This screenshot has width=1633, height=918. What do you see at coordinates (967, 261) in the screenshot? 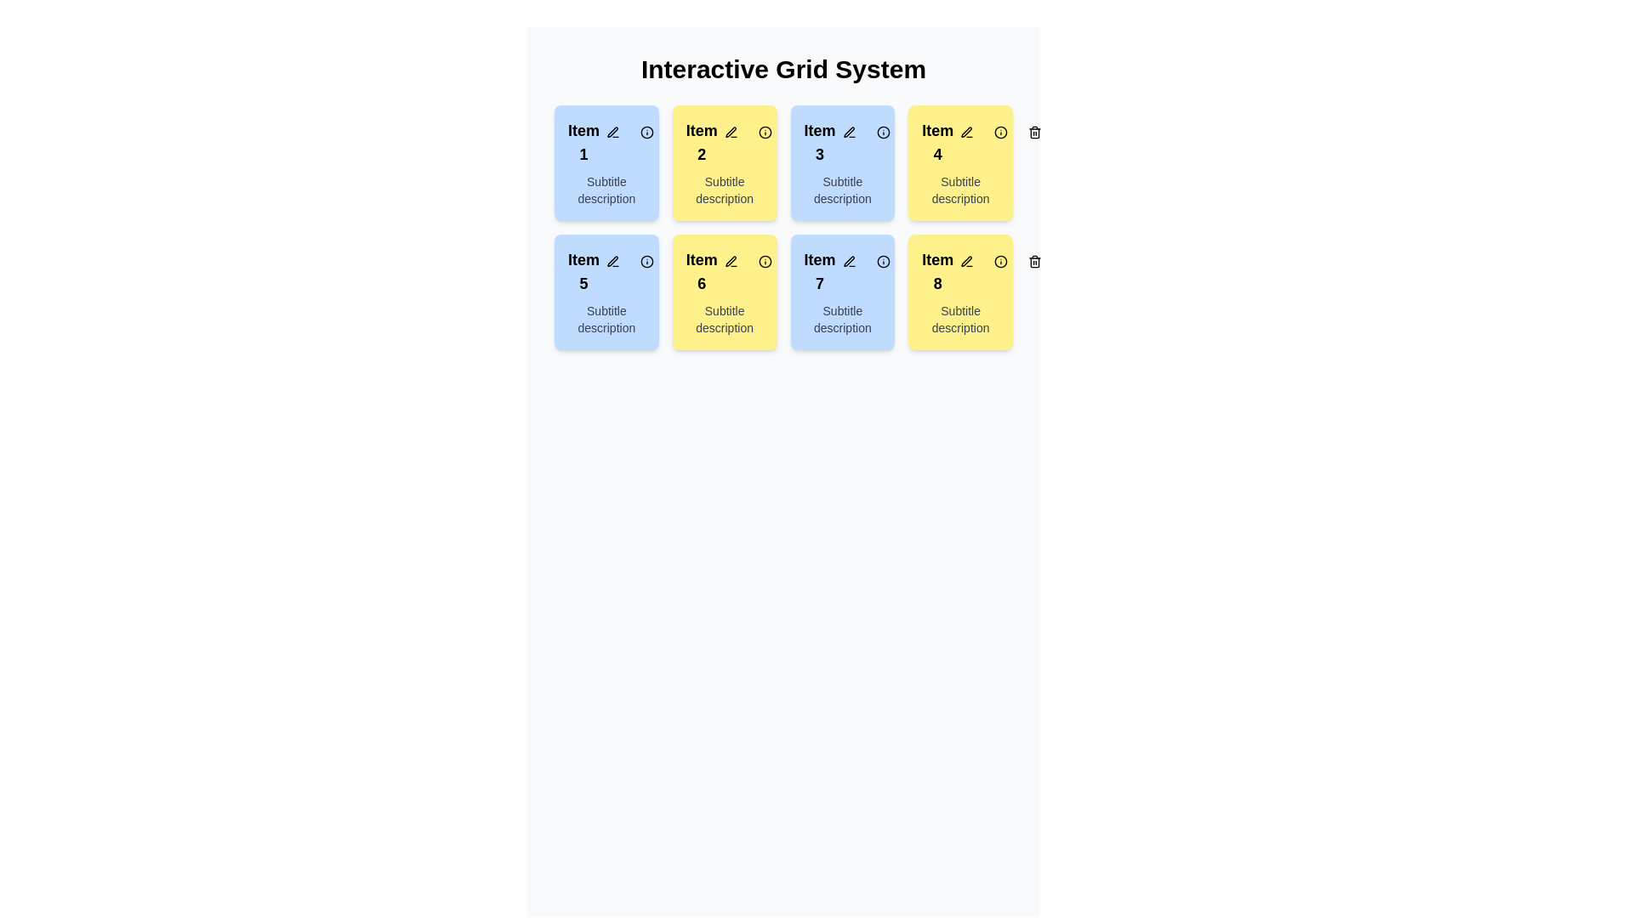
I see `the pen icon button located at the top-right corner of the 'Item 8' grid item` at bounding box center [967, 261].